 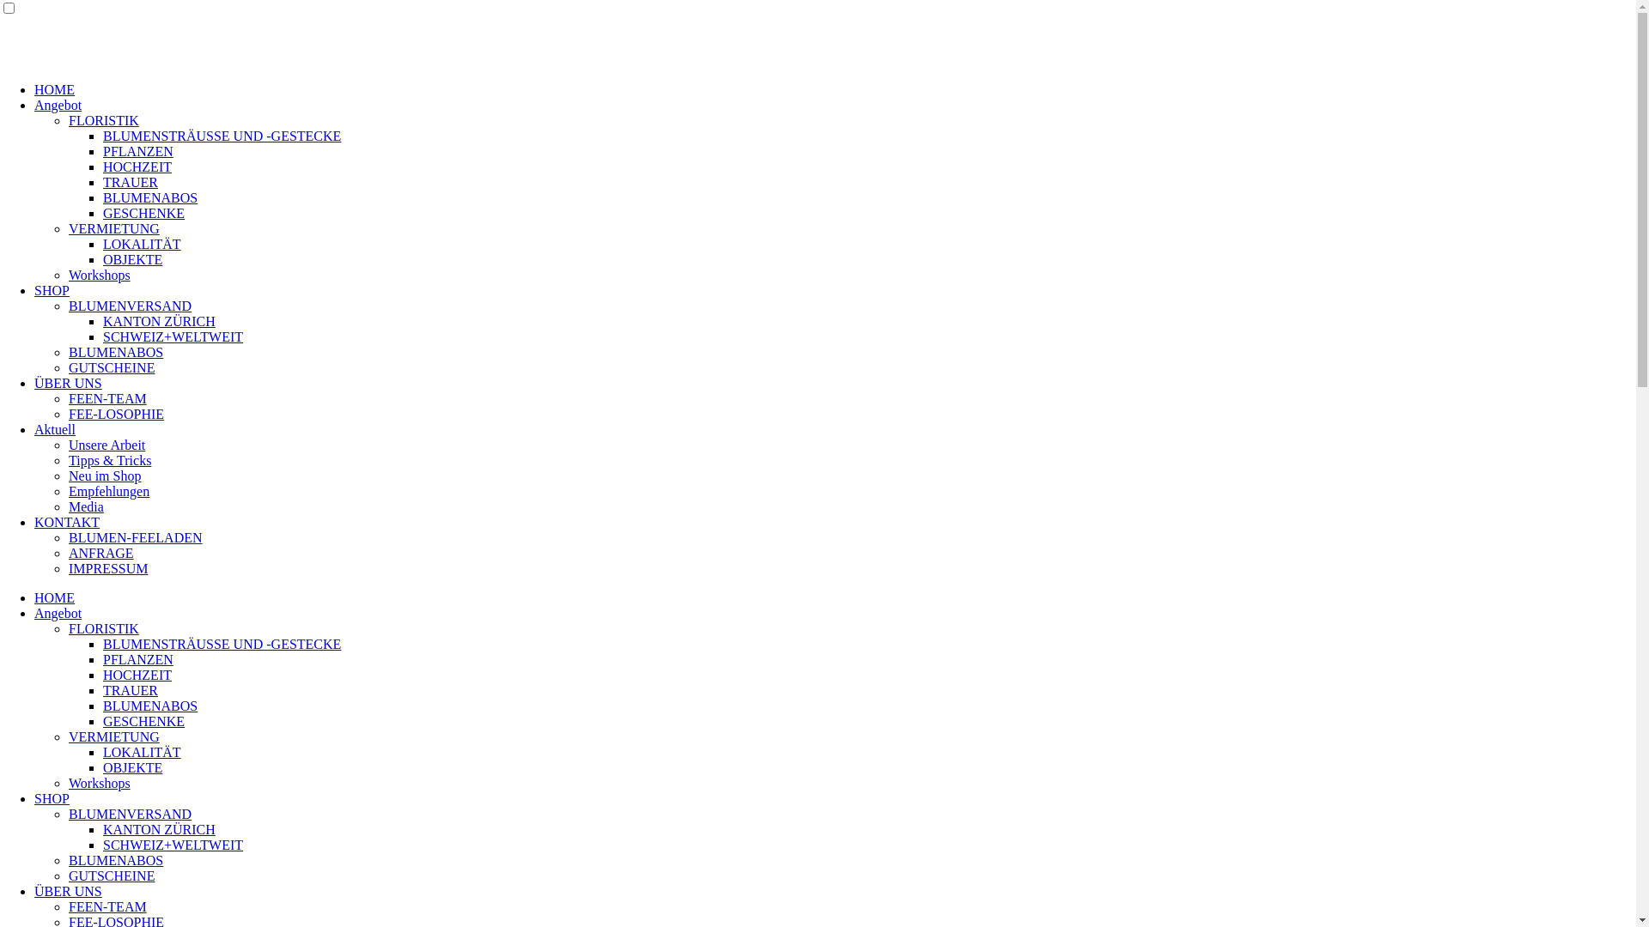 I want to click on 'FLORISTIK', so click(x=102, y=628).